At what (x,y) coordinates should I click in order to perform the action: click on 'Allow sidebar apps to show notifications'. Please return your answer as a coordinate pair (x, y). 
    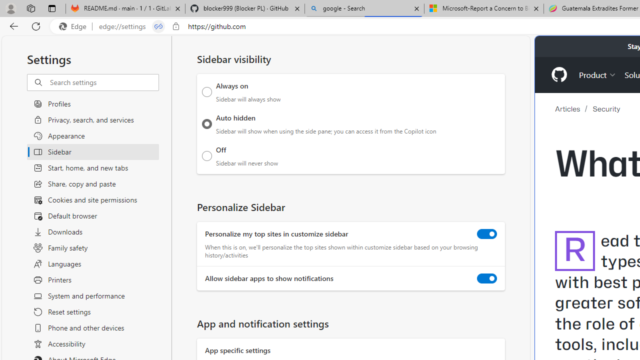
    Looking at the image, I should click on (487, 278).